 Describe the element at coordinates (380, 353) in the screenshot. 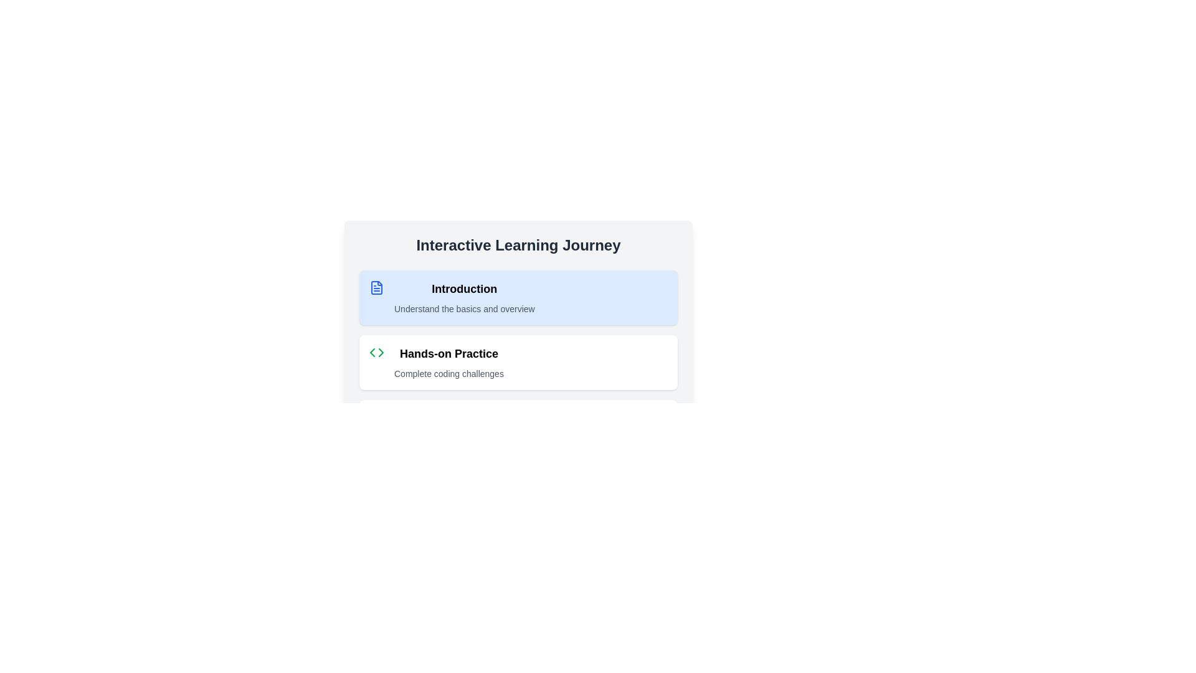

I see `the right-facing green arrow icon located to the left of the 'Hands-on Practice' text` at that location.